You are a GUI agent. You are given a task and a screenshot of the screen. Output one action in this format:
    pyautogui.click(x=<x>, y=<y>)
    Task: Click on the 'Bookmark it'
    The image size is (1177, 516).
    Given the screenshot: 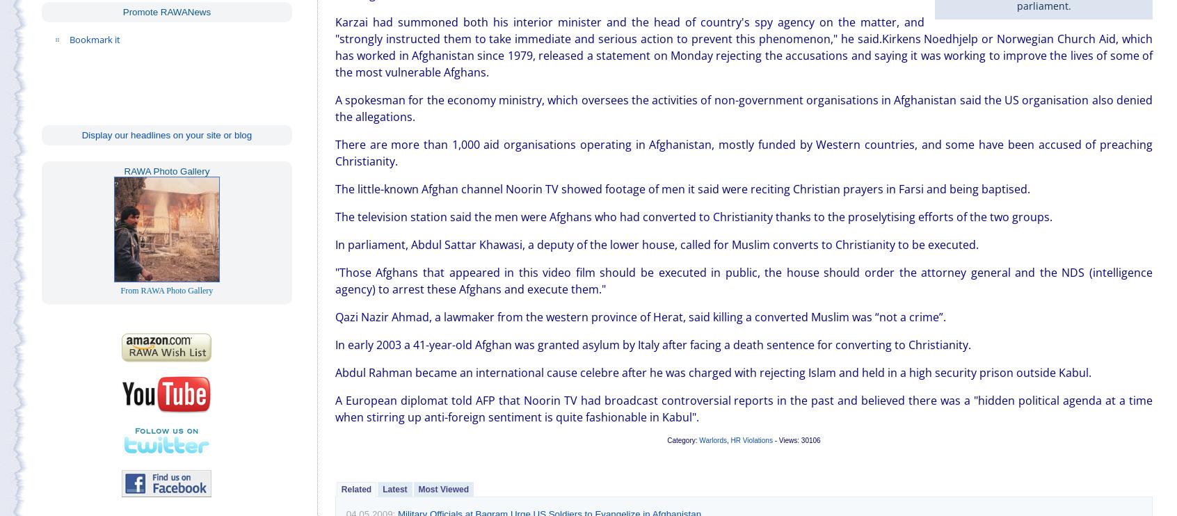 What is the action you would take?
    pyautogui.click(x=95, y=38)
    